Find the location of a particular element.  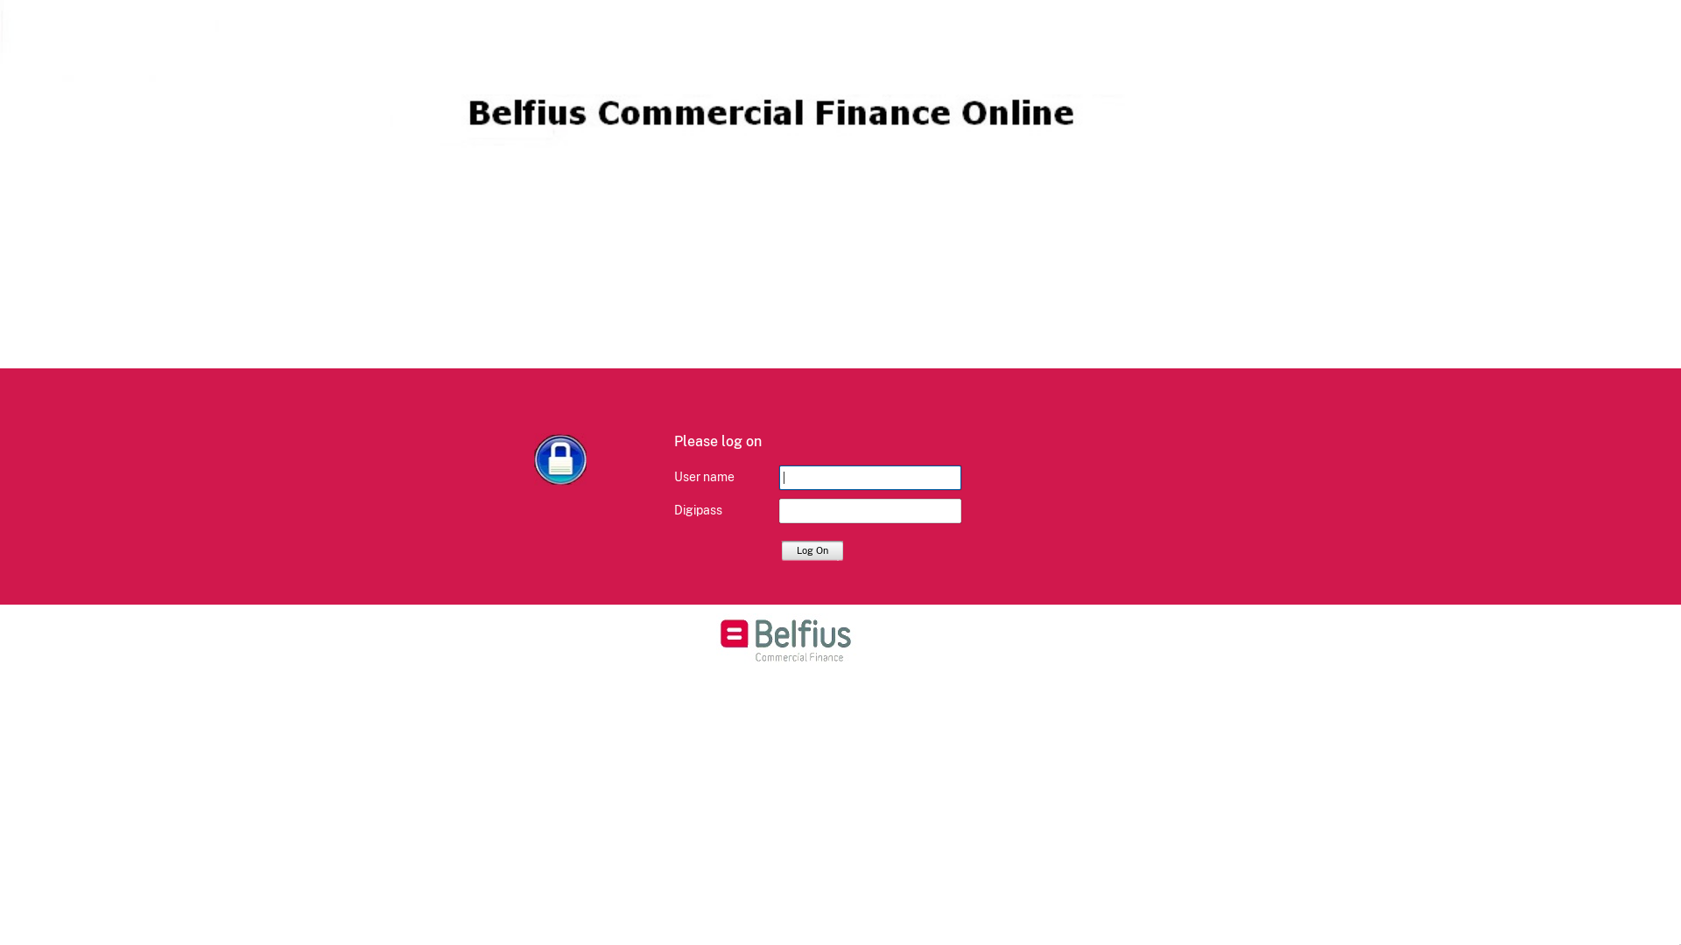

'Log On' is located at coordinates (811, 549).